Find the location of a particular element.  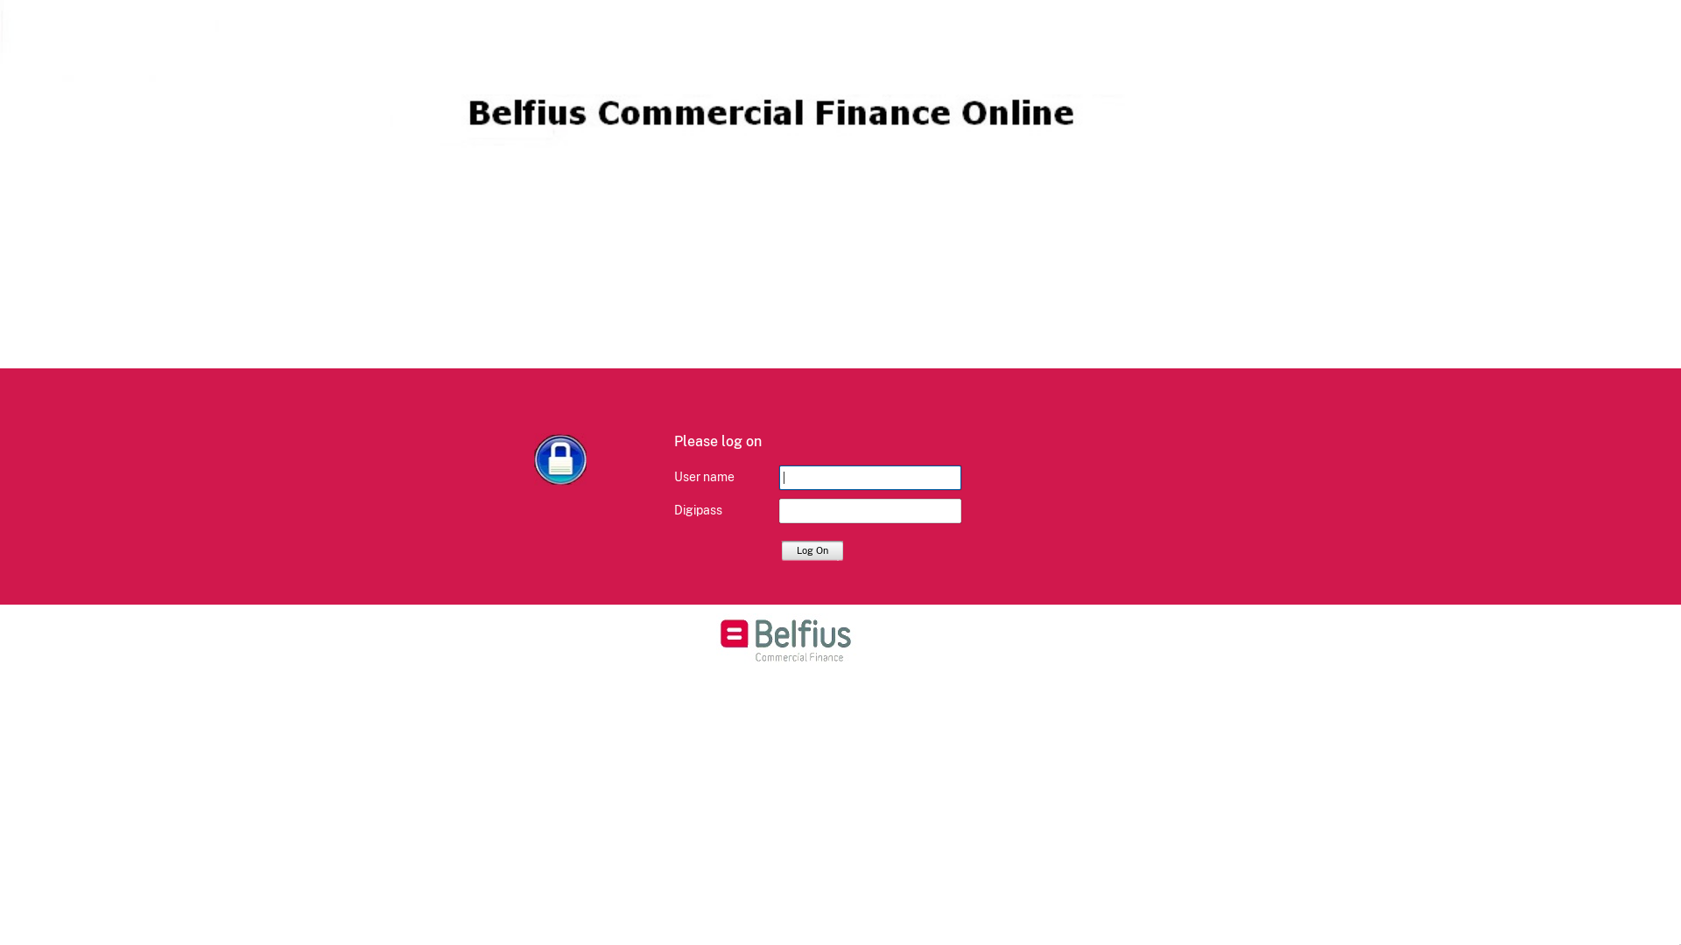

'Log On' is located at coordinates (811, 549).